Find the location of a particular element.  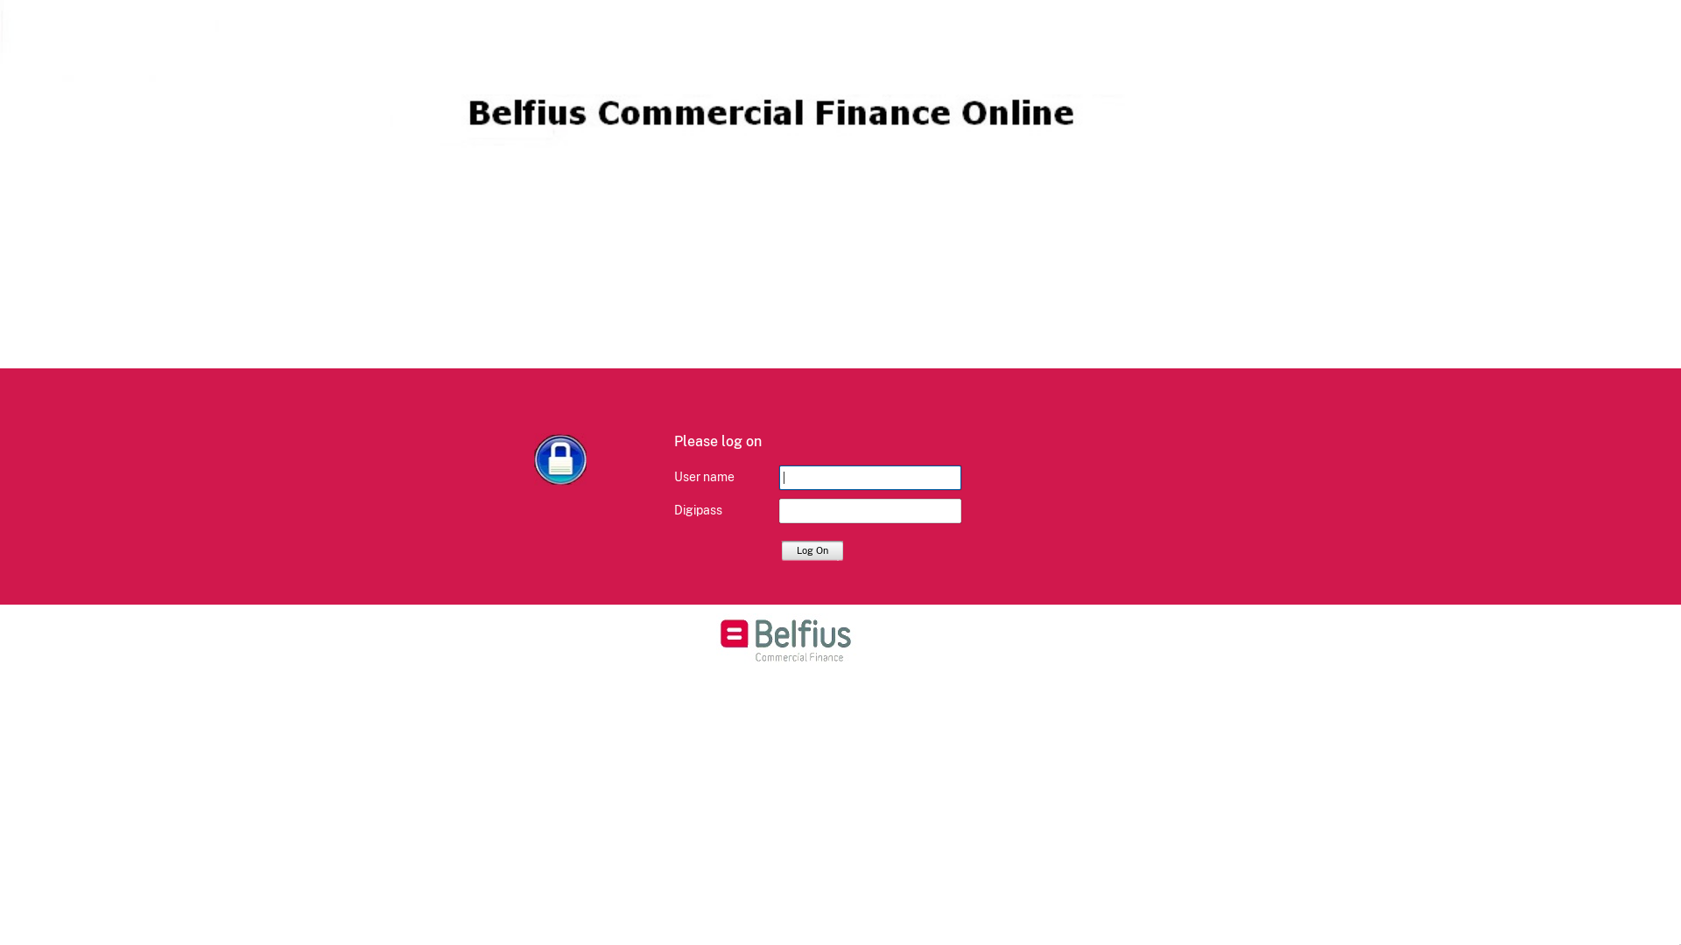

'Log On' is located at coordinates (811, 549).